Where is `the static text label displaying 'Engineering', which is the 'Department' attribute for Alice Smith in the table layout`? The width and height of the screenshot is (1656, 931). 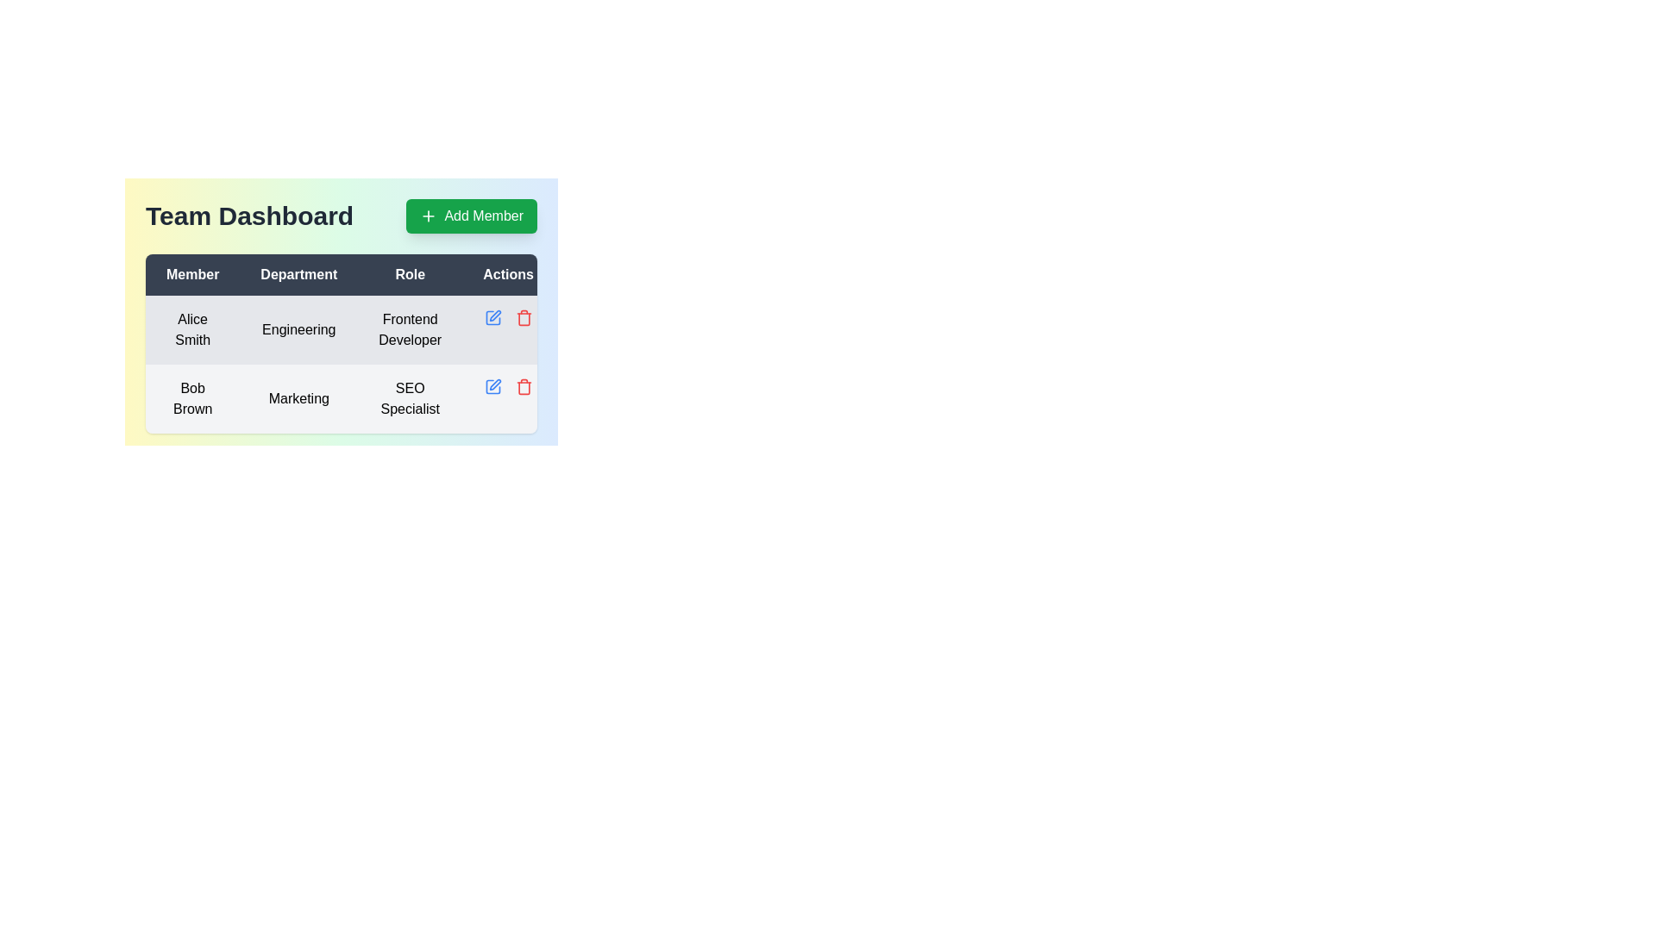
the static text label displaying 'Engineering', which is the 'Department' attribute for Alice Smith in the table layout is located at coordinates (298, 329).